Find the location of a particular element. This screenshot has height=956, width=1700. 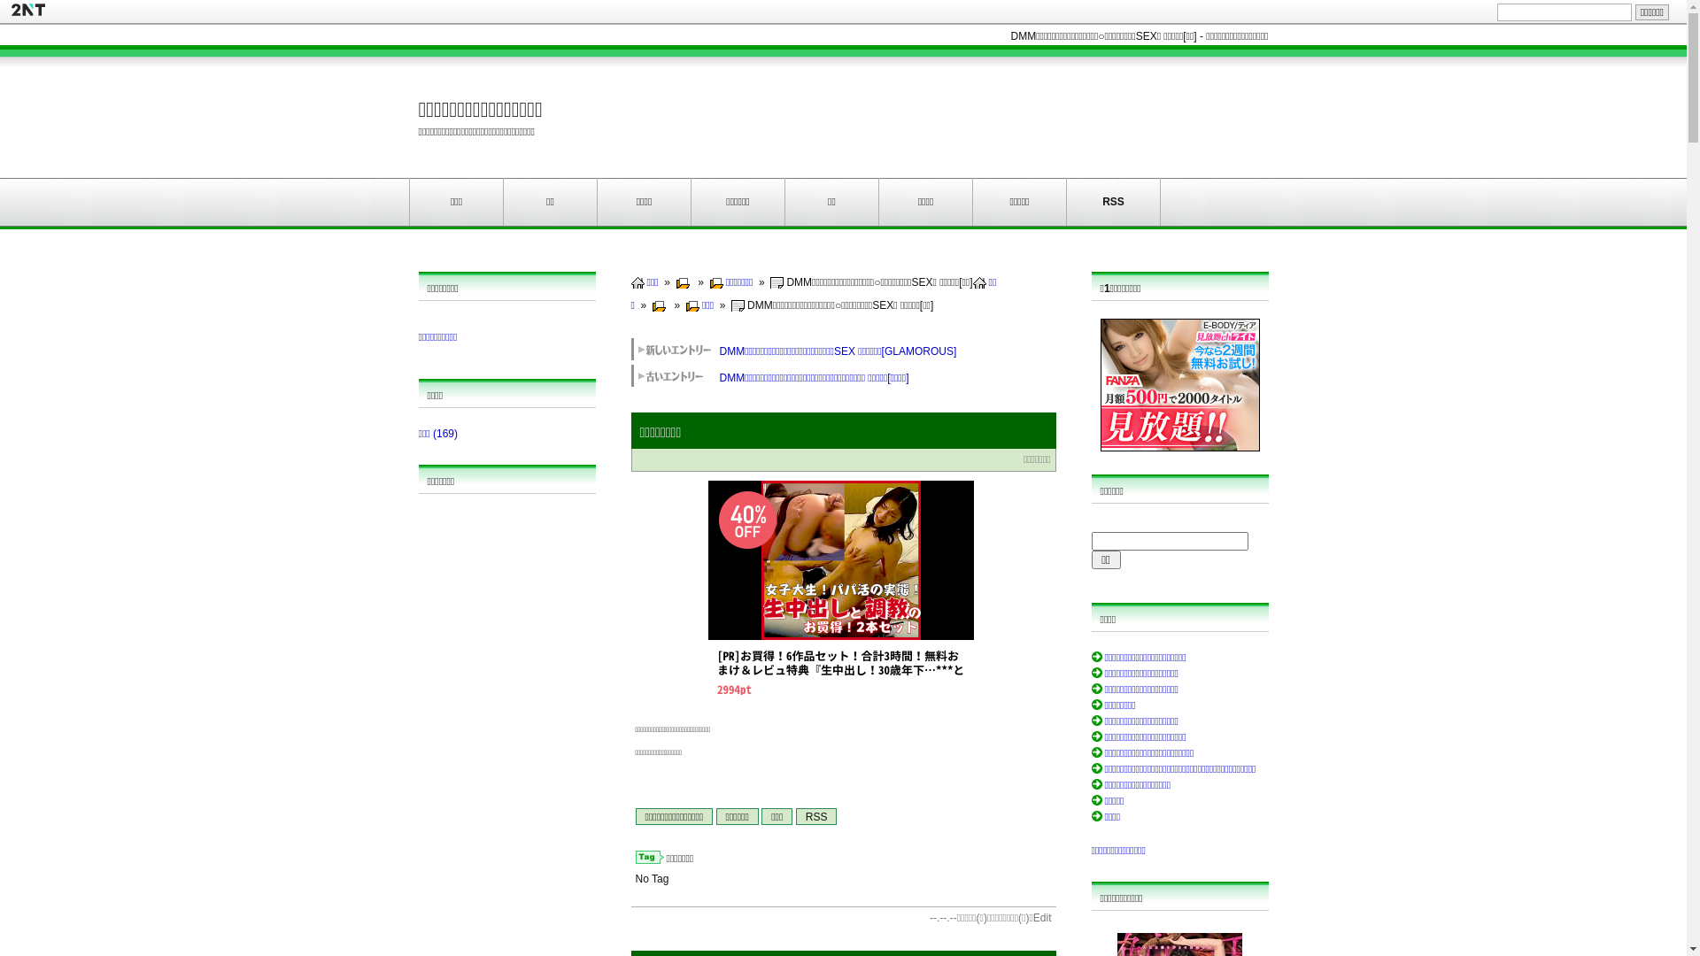

'Edit' is located at coordinates (1042, 917).